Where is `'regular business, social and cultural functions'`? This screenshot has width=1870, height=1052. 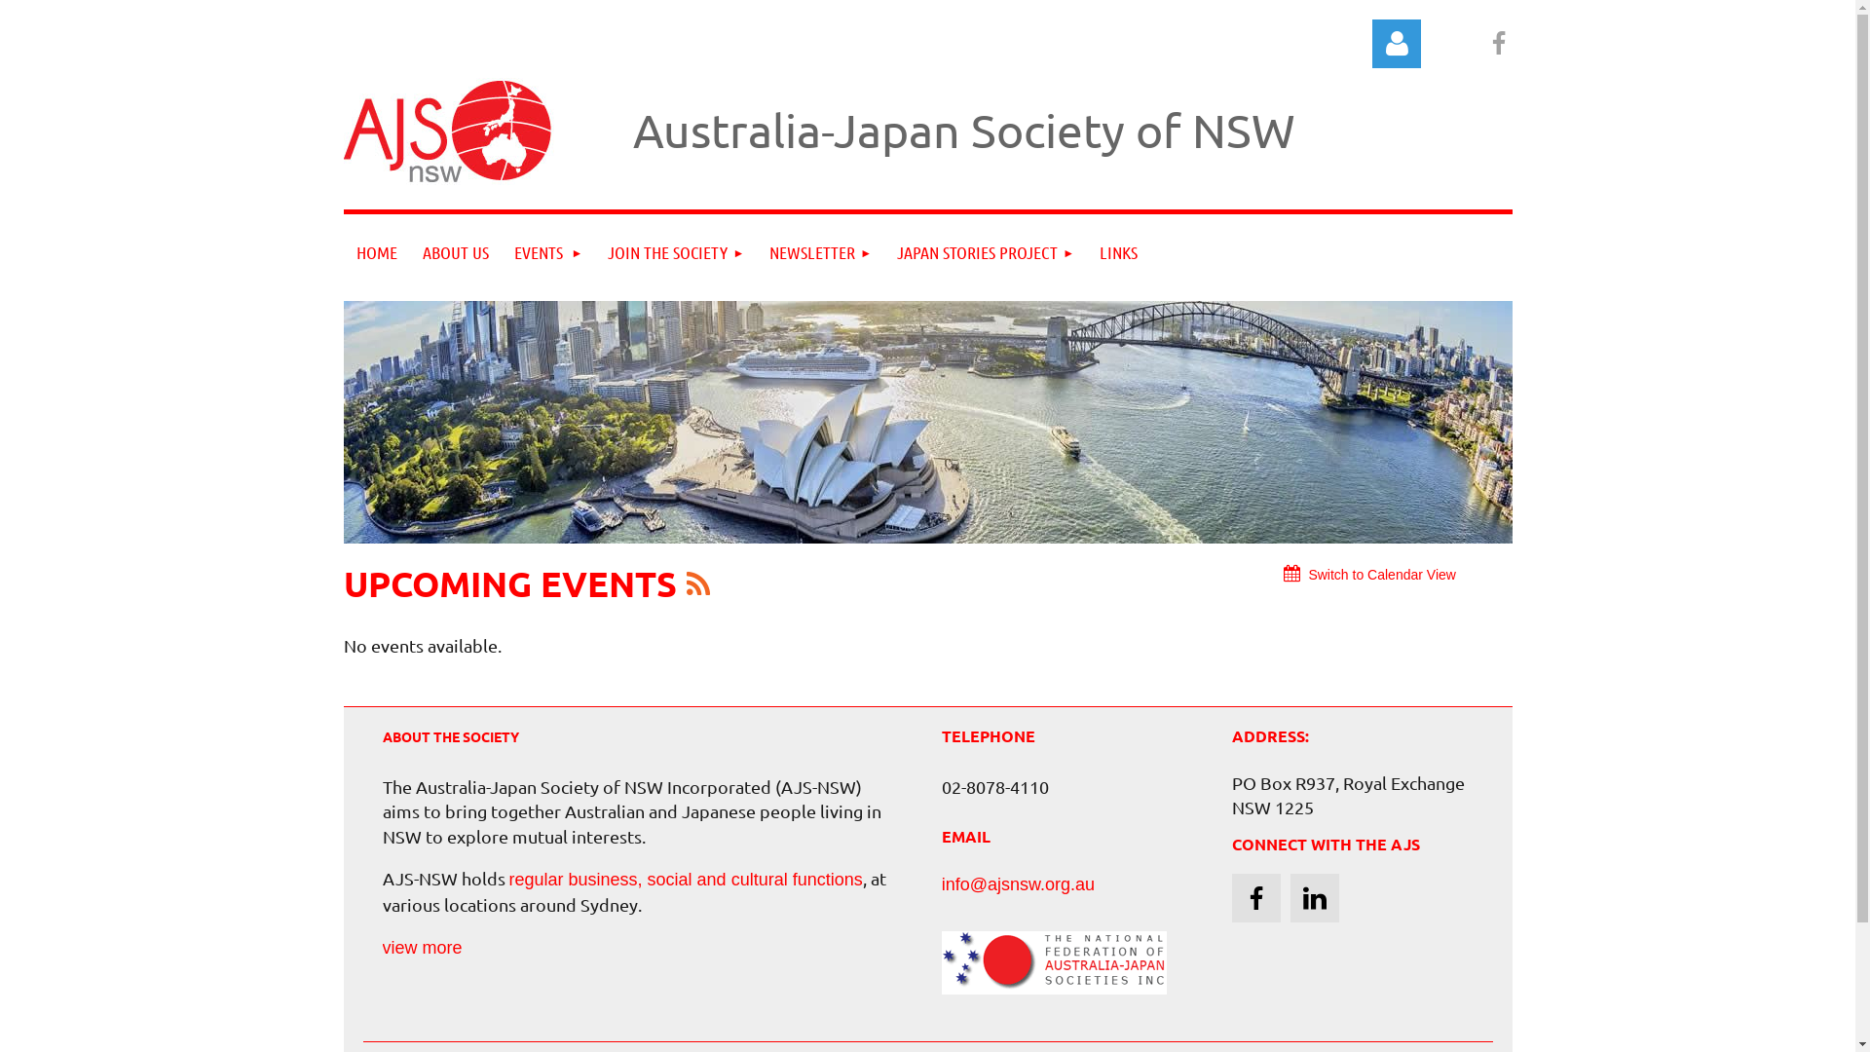 'regular business, social and cultural functions' is located at coordinates (508, 879).